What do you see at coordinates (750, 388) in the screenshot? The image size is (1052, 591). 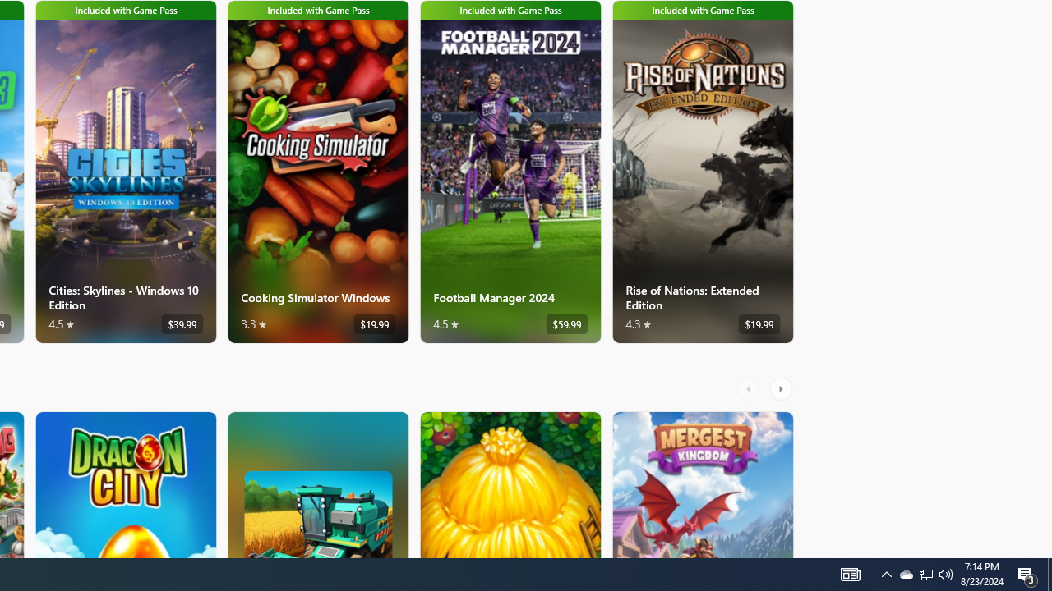 I see `'AutomationID: LeftScrollButton'` at bounding box center [750, 388].